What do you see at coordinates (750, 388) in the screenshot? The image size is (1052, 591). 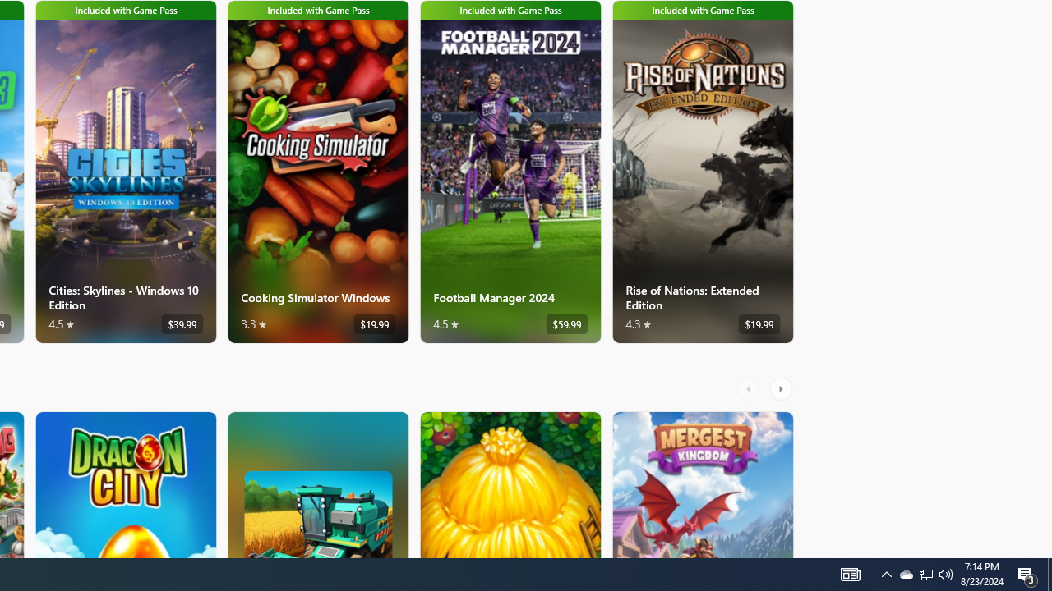 I see `'AutomationID: LeftScrollButton'` at bounding box center [750, 388].